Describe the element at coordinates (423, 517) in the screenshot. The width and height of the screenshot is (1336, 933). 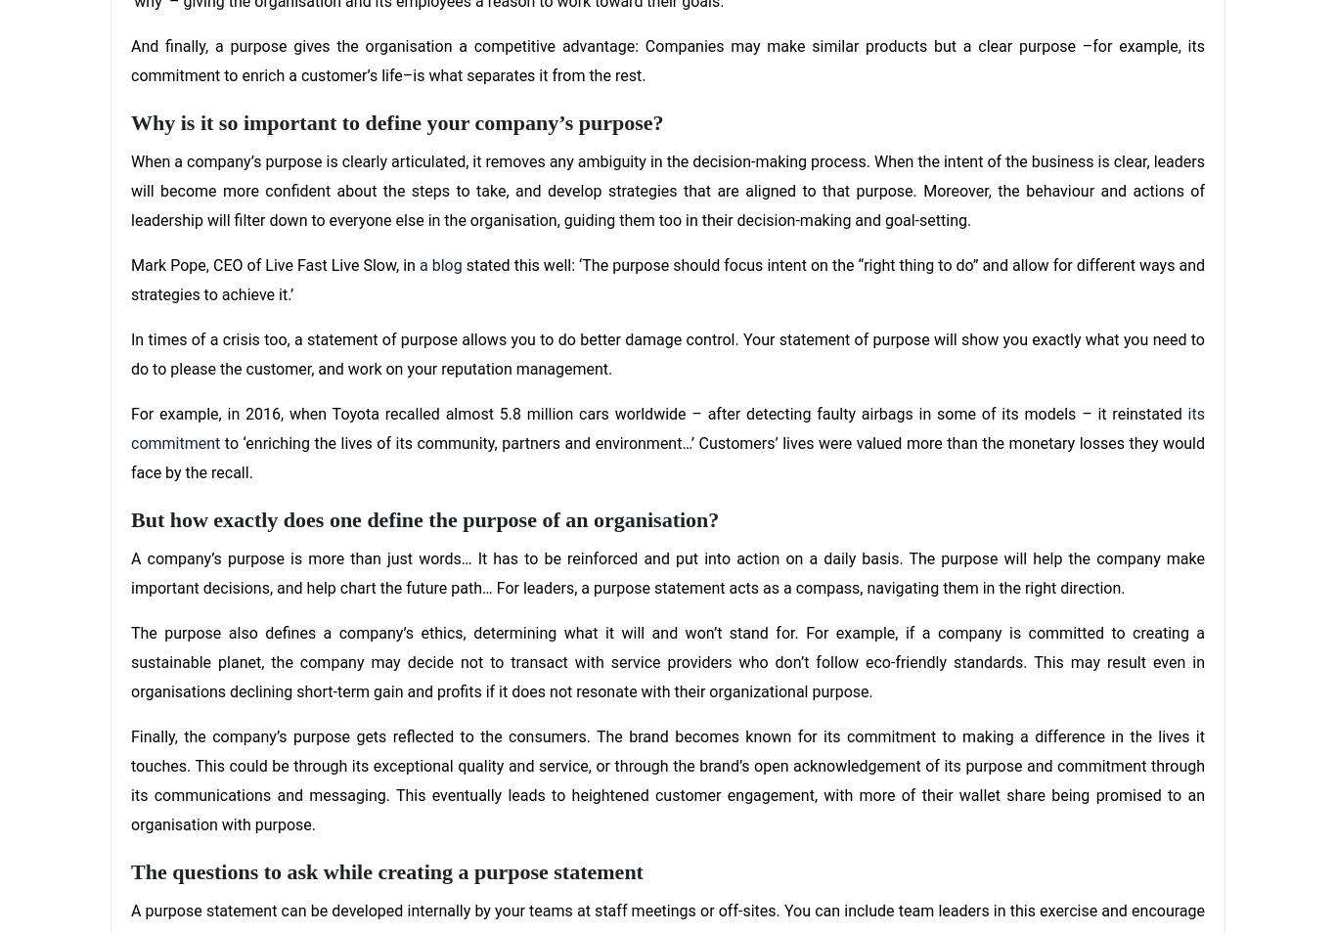
I see `'But how exactly does one define the purpose of an organisation?'` at that location.